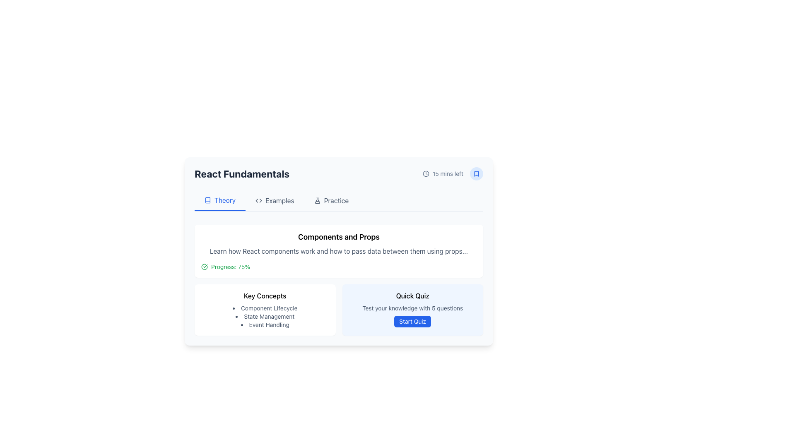 This screenshot has height=447, width=795. I want to click on text content of the second Text Label in the 'Key Concepts' list, located between 'Component Lifecycle' and 'Event Handling', so click(265, 316).